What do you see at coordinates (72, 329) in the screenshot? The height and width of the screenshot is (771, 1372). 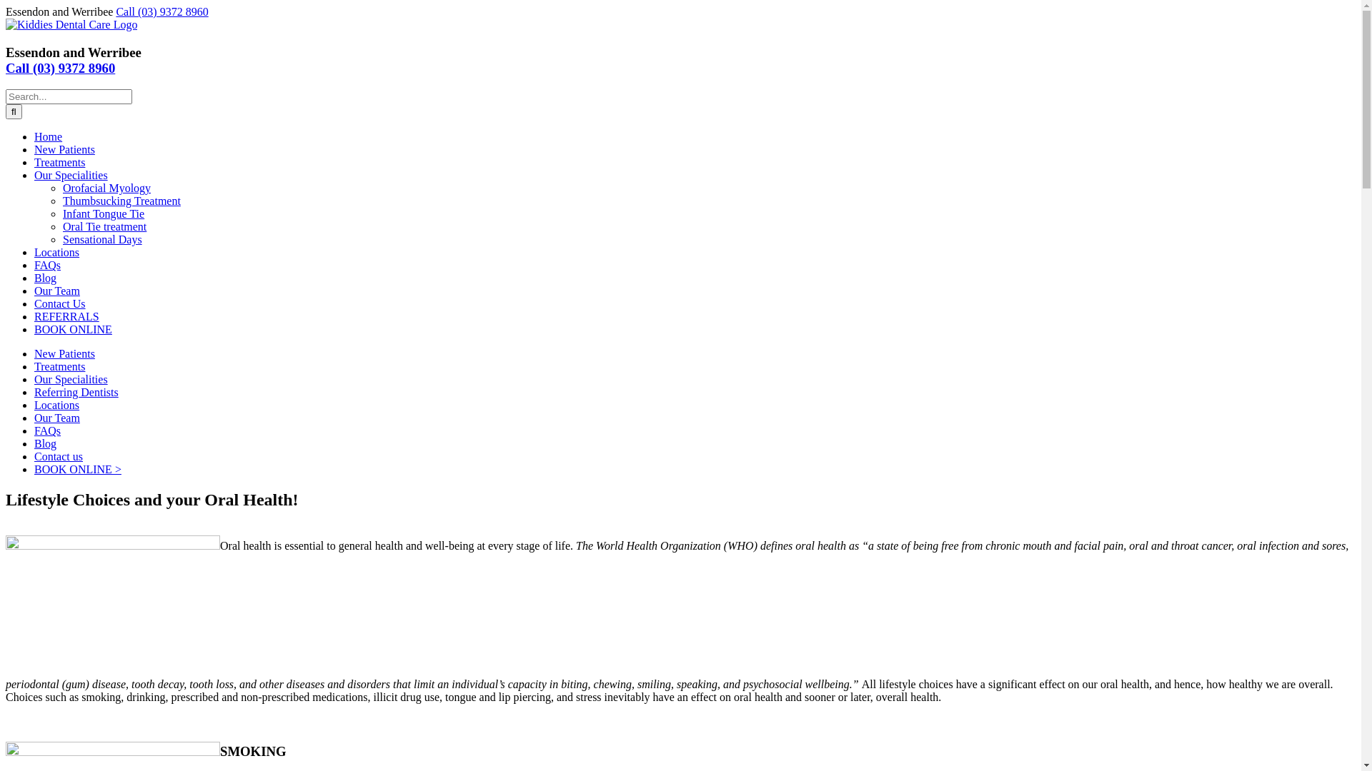 I see `'BOOK ONLINE'` at bounding box center [72, 329].